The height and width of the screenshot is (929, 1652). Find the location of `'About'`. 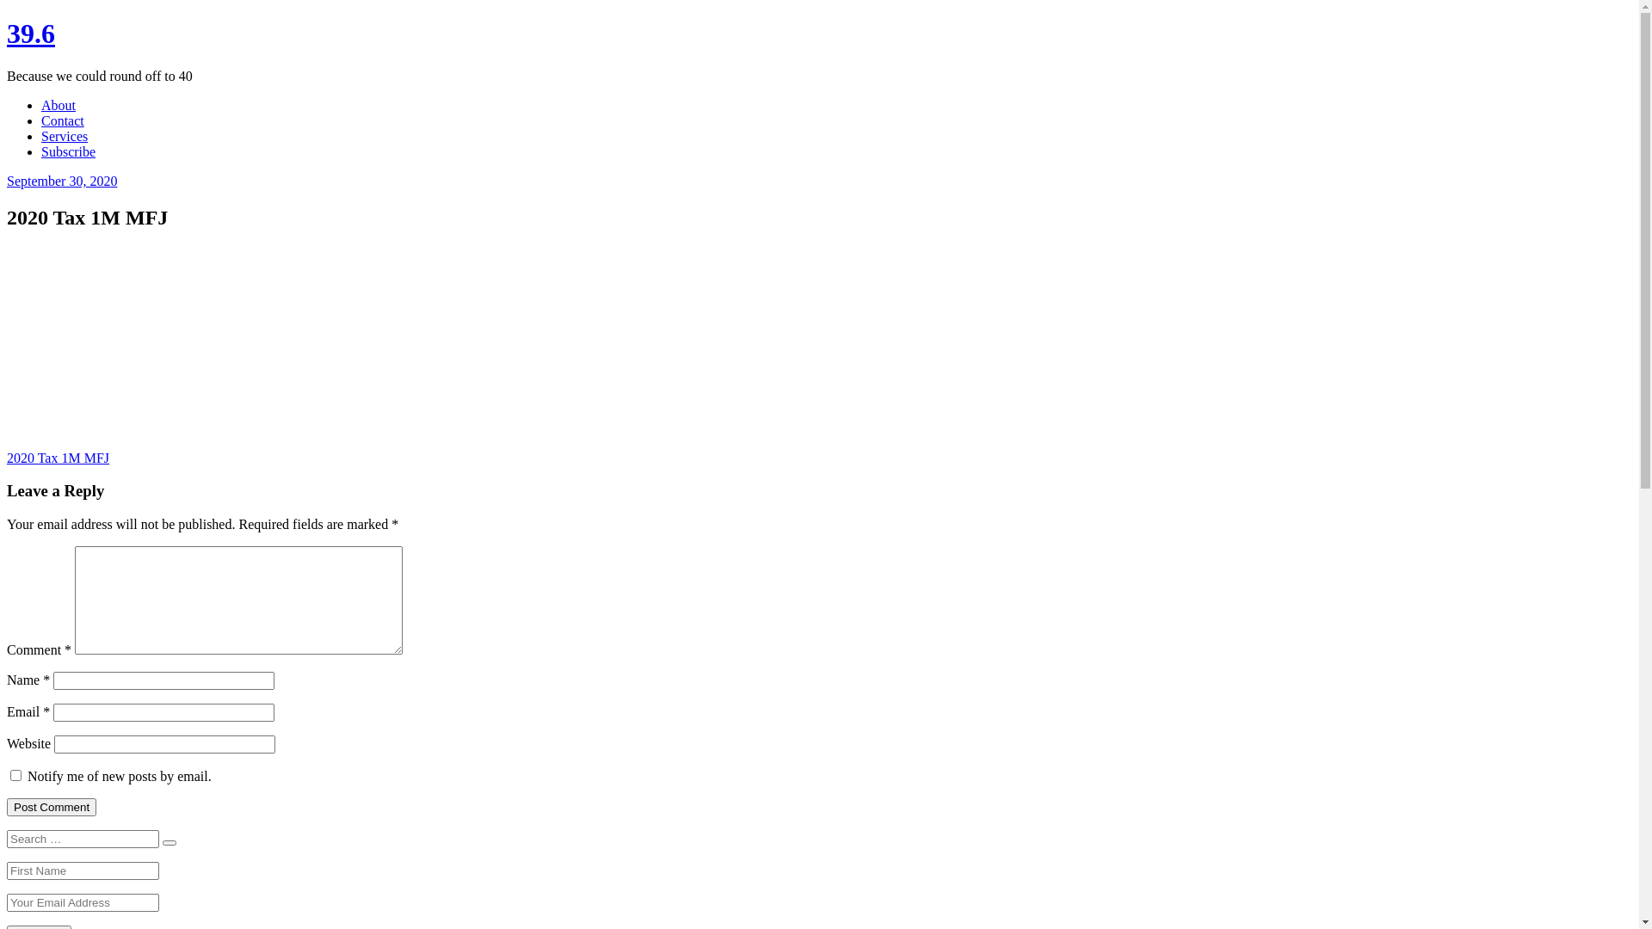

'About' is located at coordinates (41, 105).